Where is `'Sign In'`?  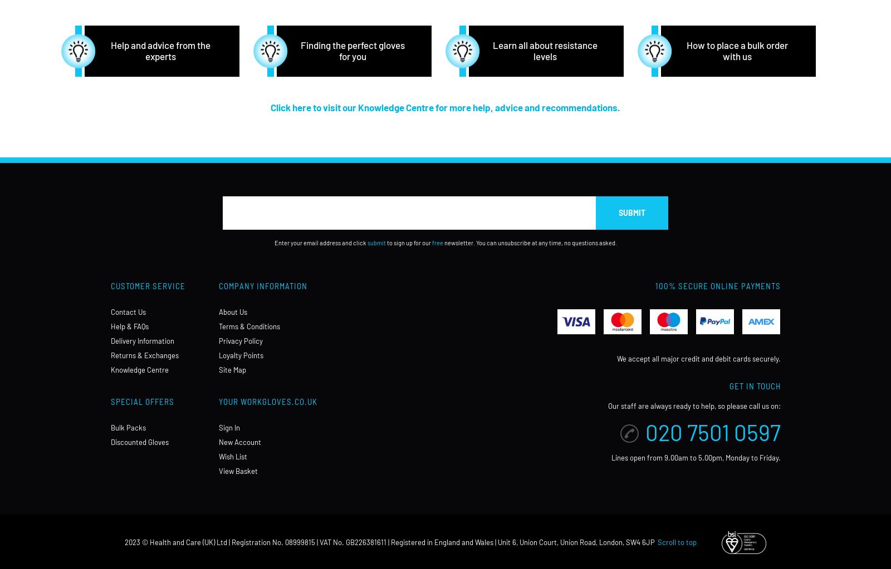 'Sign In' is located at coordinates (228, 427).